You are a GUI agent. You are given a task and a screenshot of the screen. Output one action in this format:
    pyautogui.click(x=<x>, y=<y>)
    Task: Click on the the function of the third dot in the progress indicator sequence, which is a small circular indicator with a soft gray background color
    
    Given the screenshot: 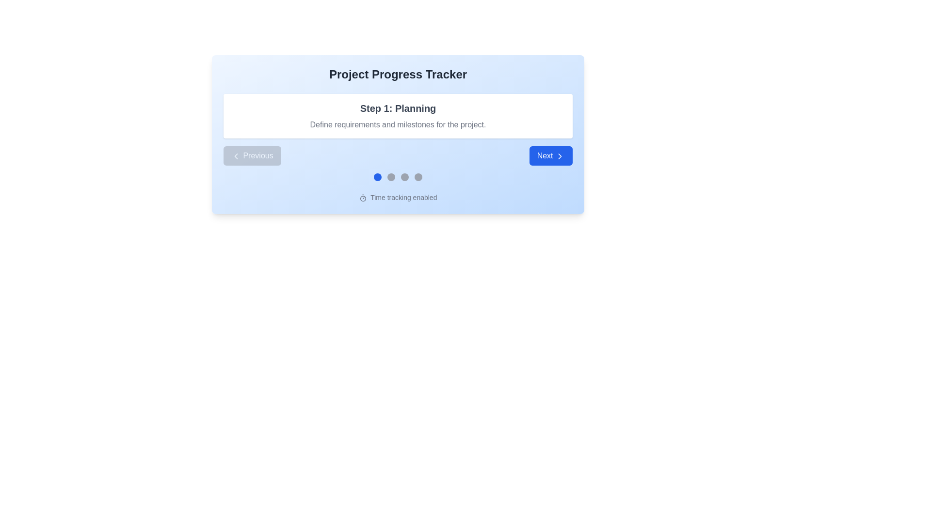 What is the action you would take?
    pyautogui.click(x=405, y=177)
    